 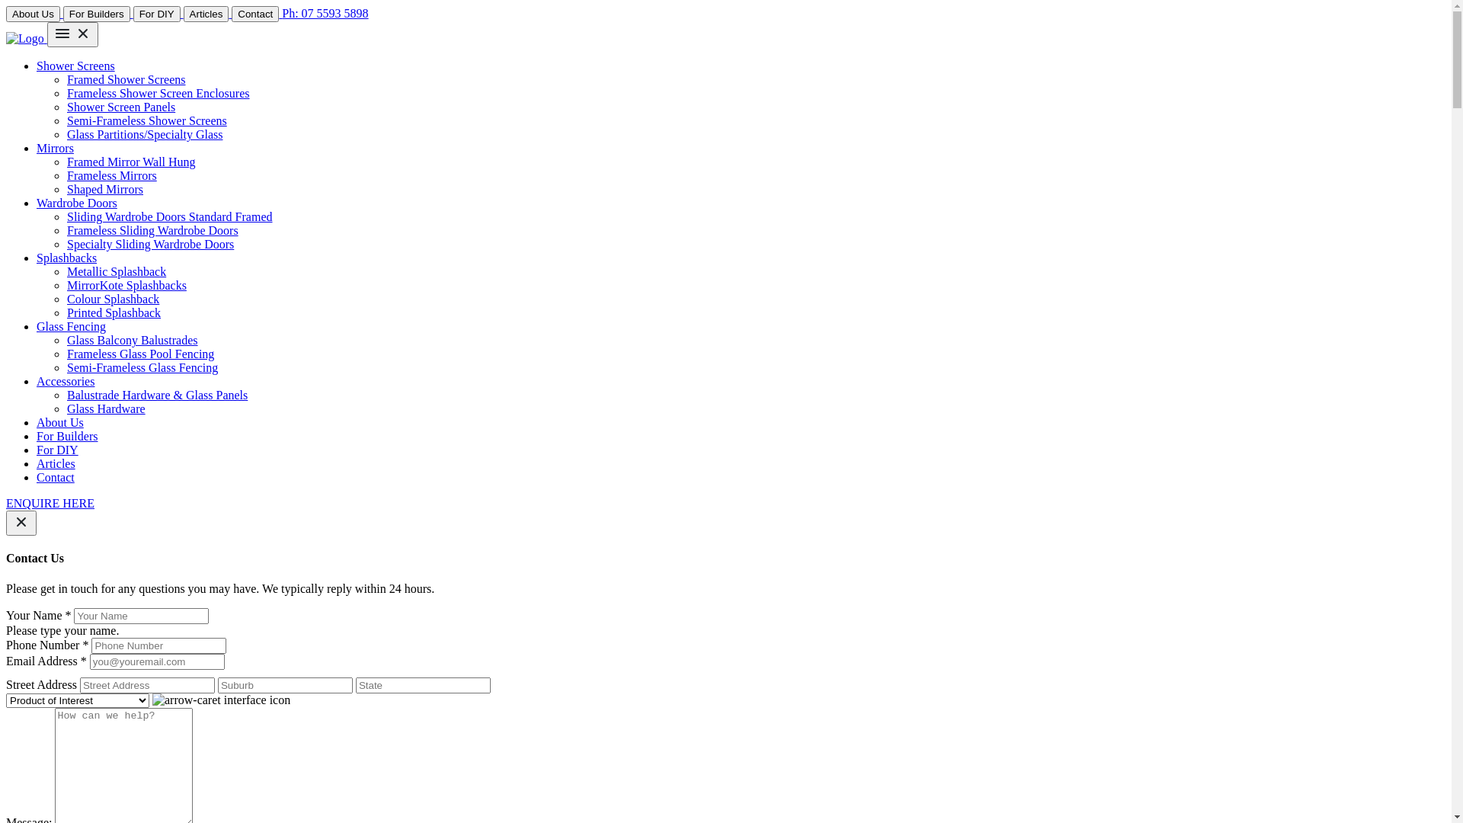 What do you see at coordinates (111, 175) in the screenshot?
I see `'Frameless Mirrors'` at bounding box center [111, 175].